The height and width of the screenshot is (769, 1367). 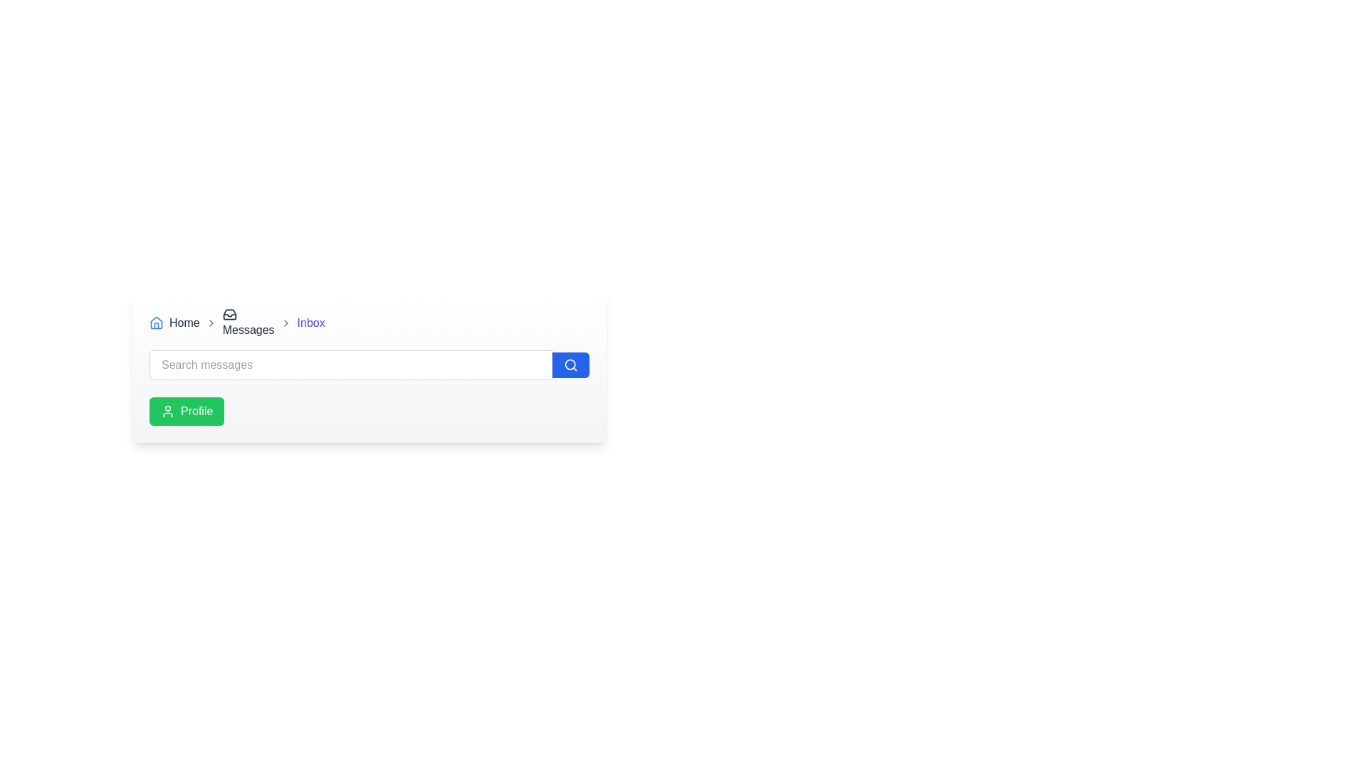 I want to click on the 'Messages' icon located at the start of the navigational breadcrumb, so click(x=229, y=314).